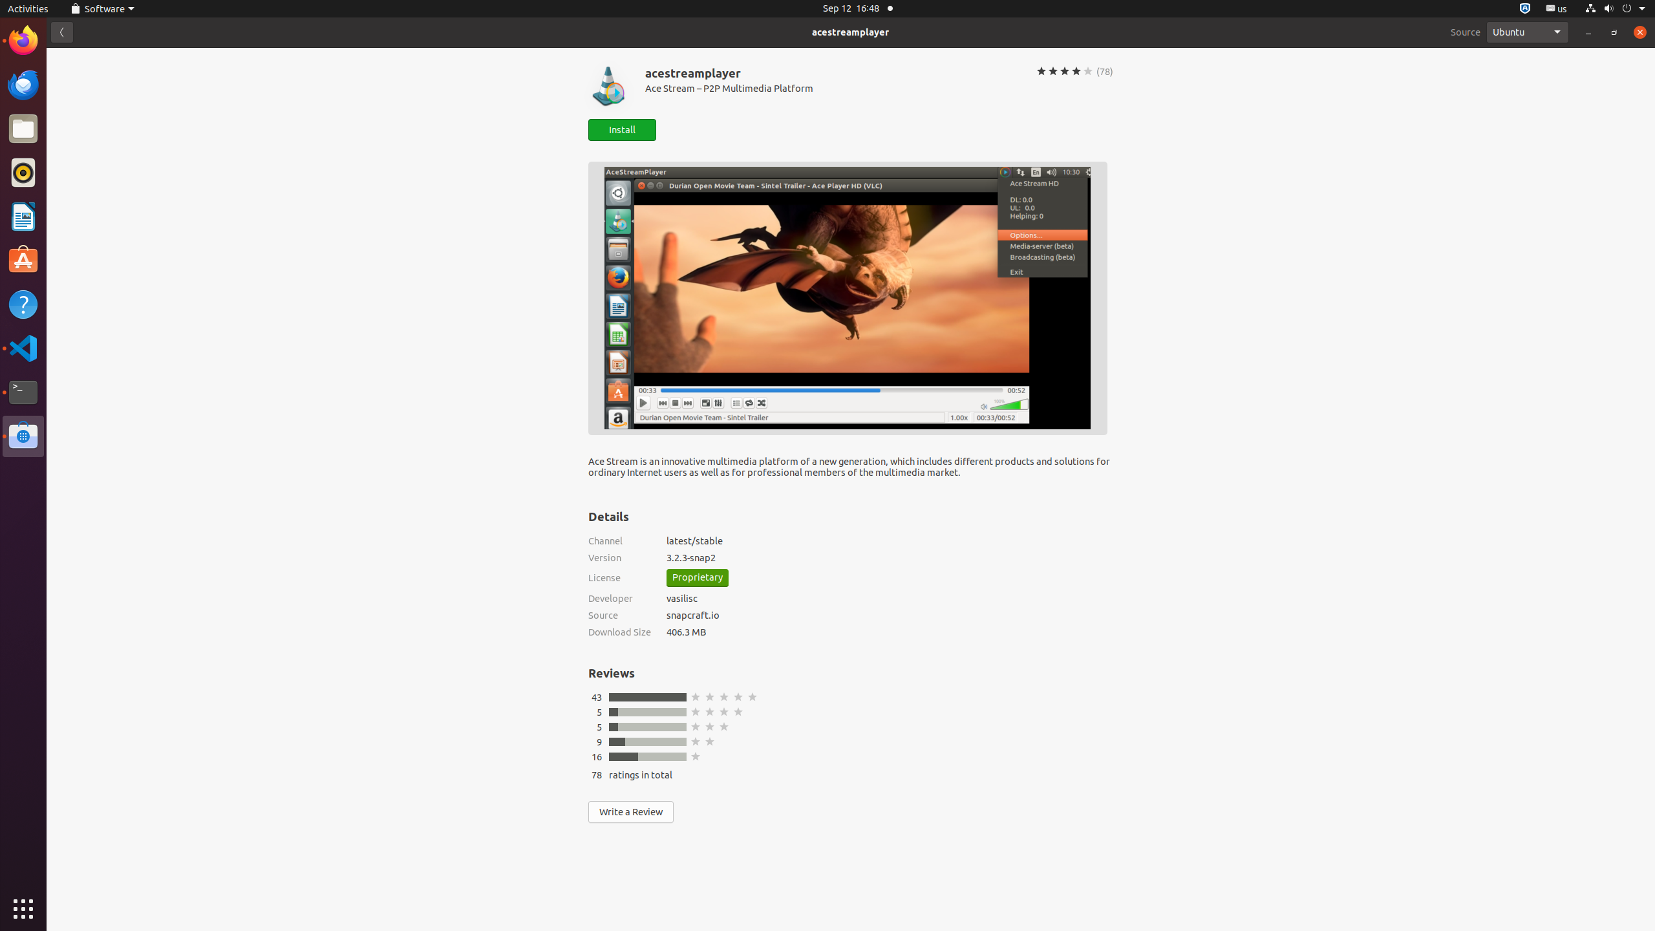  Describe the element at coordinates (630, 811) in the screenshot. I see `'Write a Review'` at that location.